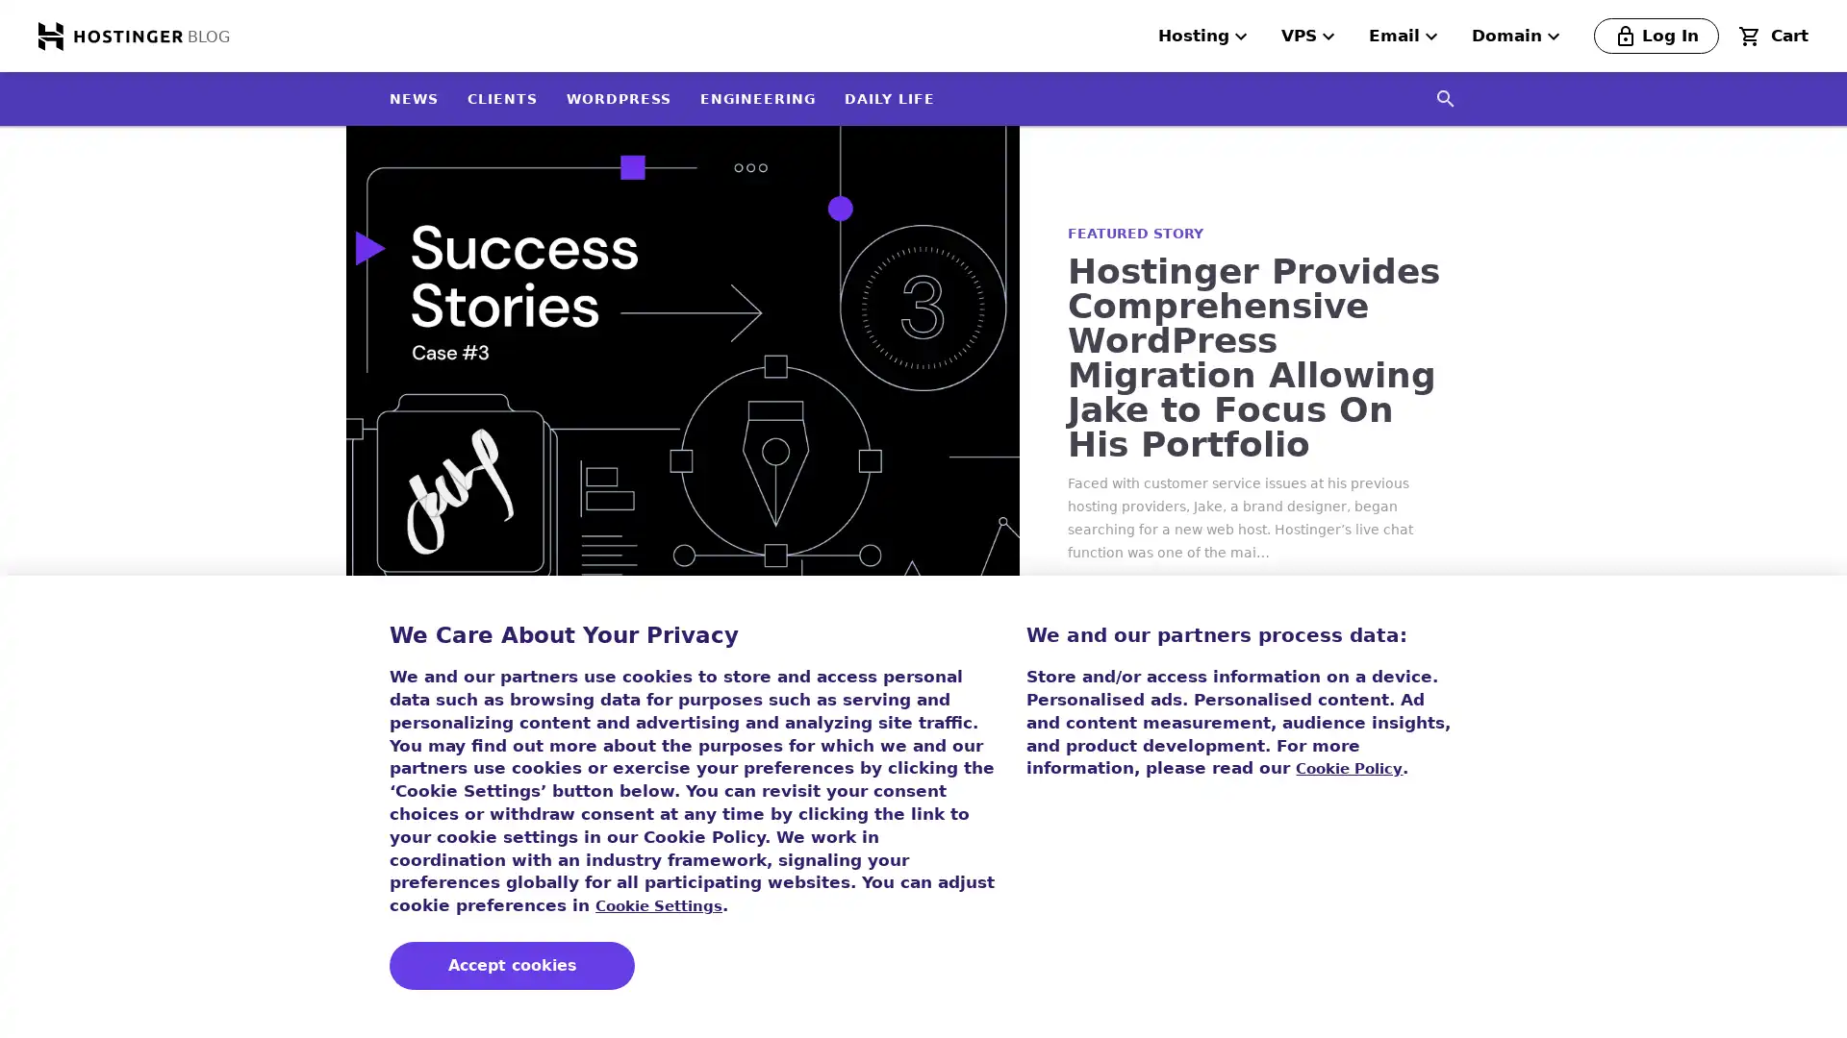 This screenshot has width=1847, height=1038. I want to click on Accept cookies, so click(512, 966).